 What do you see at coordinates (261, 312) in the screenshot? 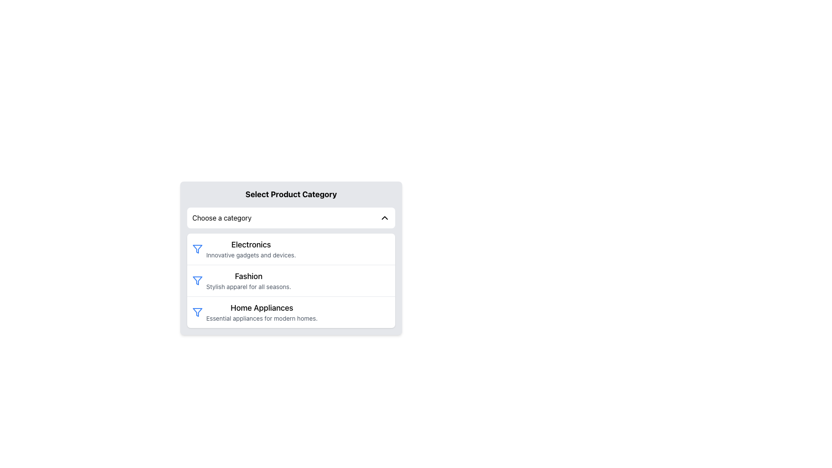
I see `the 'Home Appliances' option item in the category selection interface` at bounding box center [261, 312].